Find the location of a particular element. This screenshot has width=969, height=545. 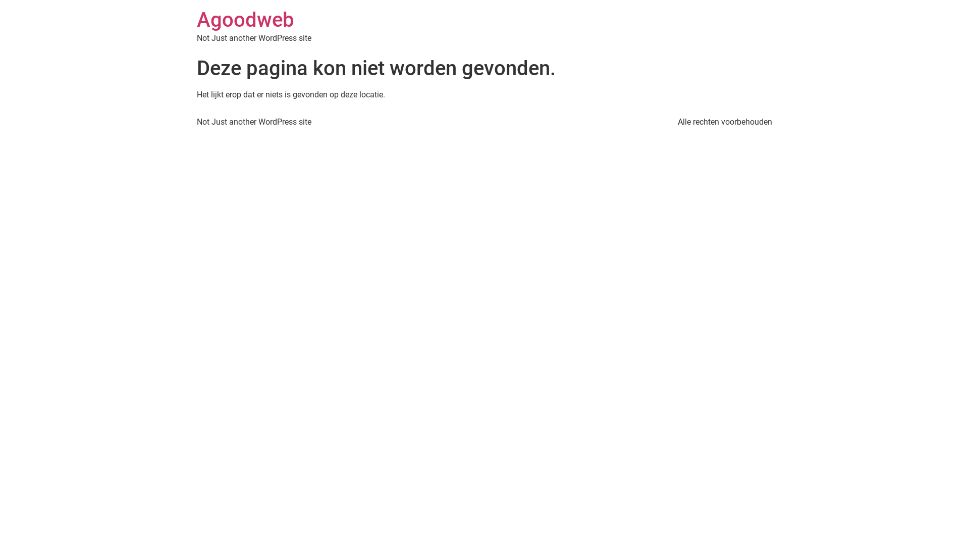

'Agoodweb' is located at coordinates (245, 20).